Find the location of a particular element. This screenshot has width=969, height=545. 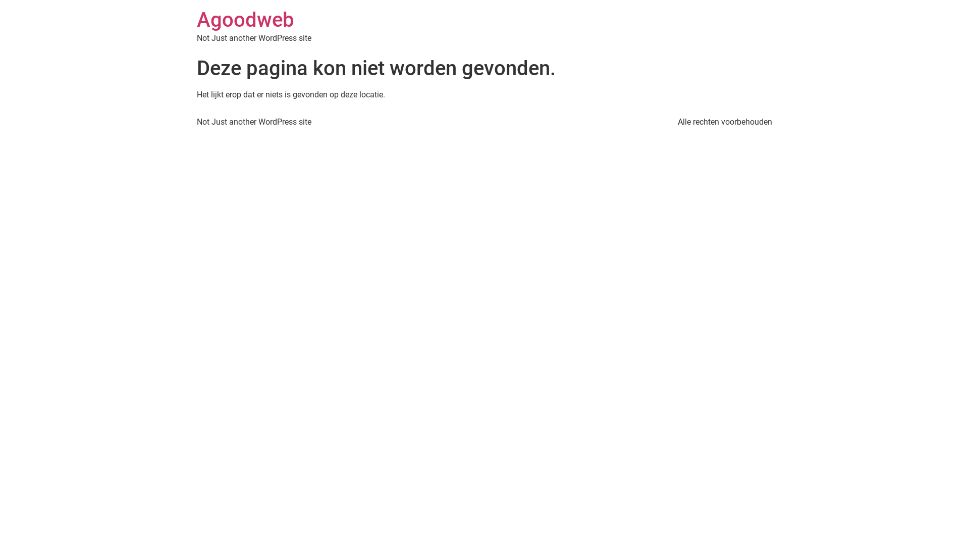

'Agoodweb' is located at coordinates (245, 20).